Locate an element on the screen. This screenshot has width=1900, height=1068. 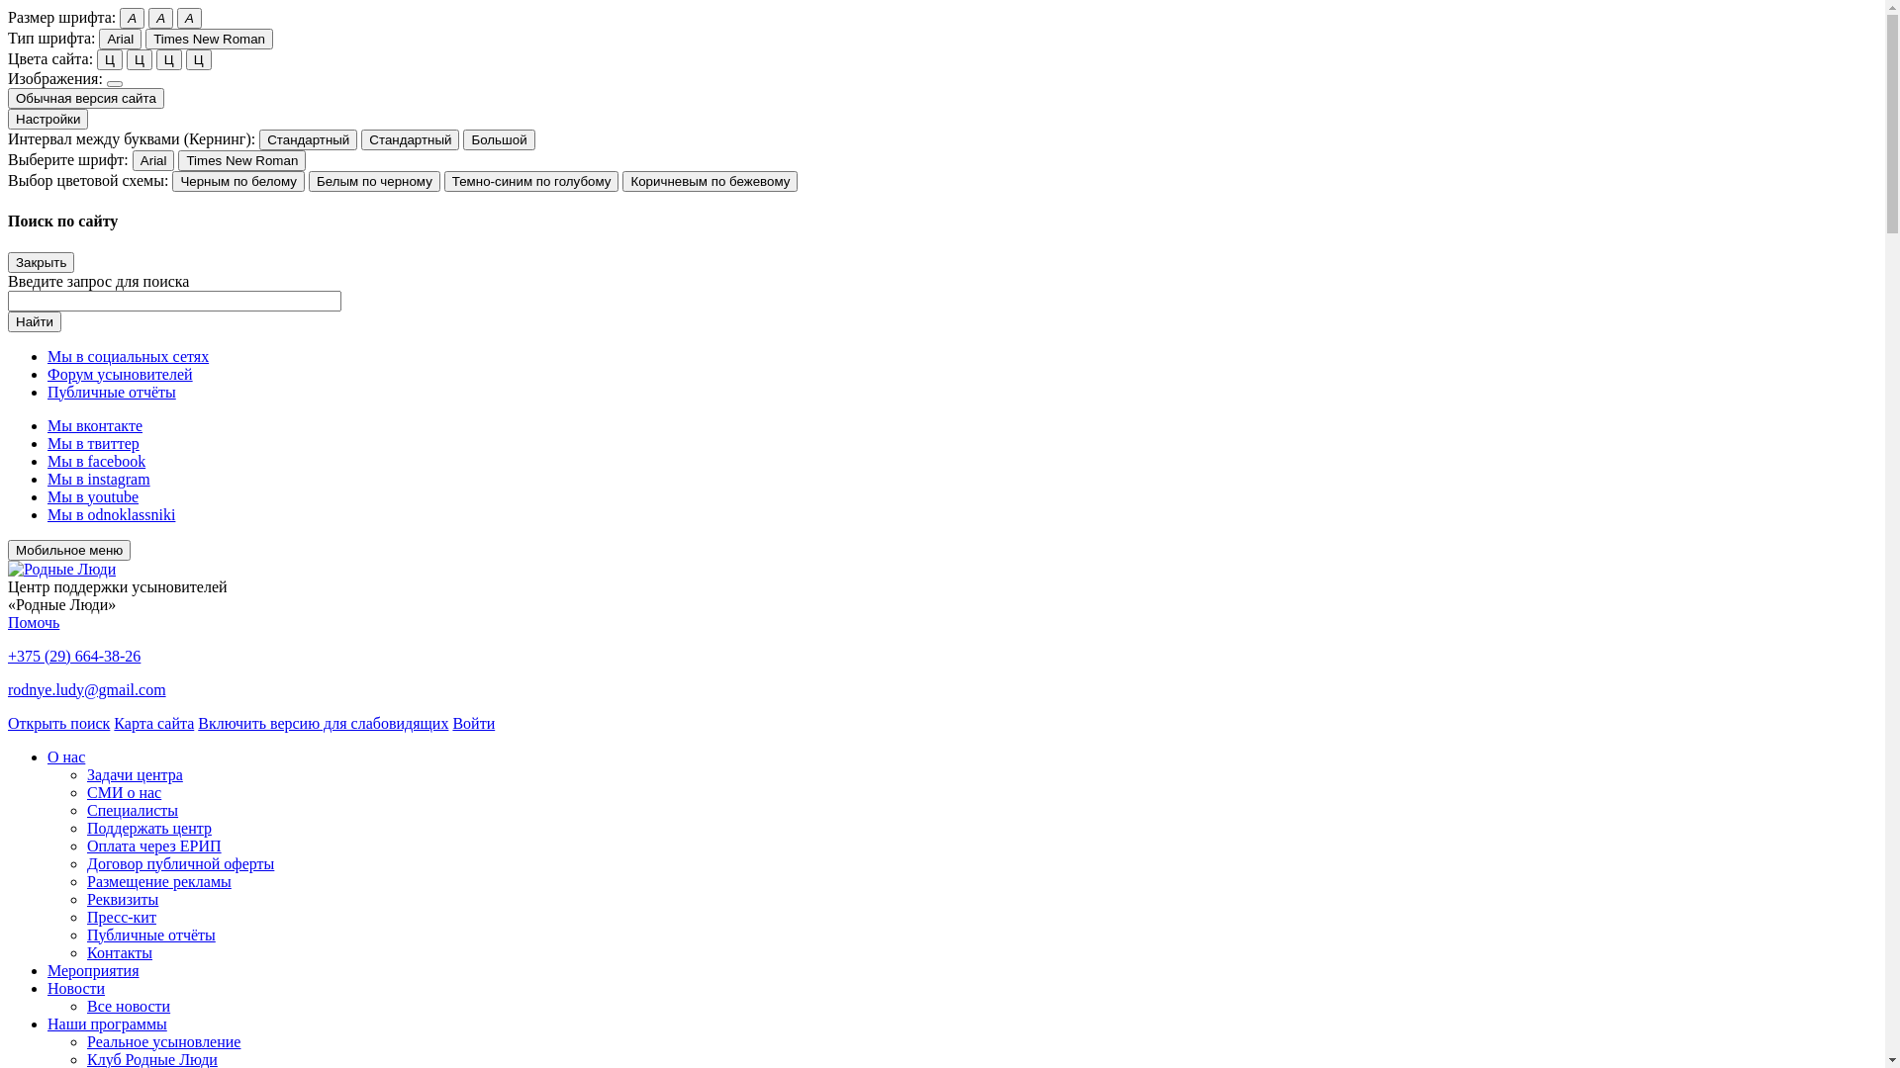
'+375 (29) 664-38-26' is located at coordinates (74, 656).